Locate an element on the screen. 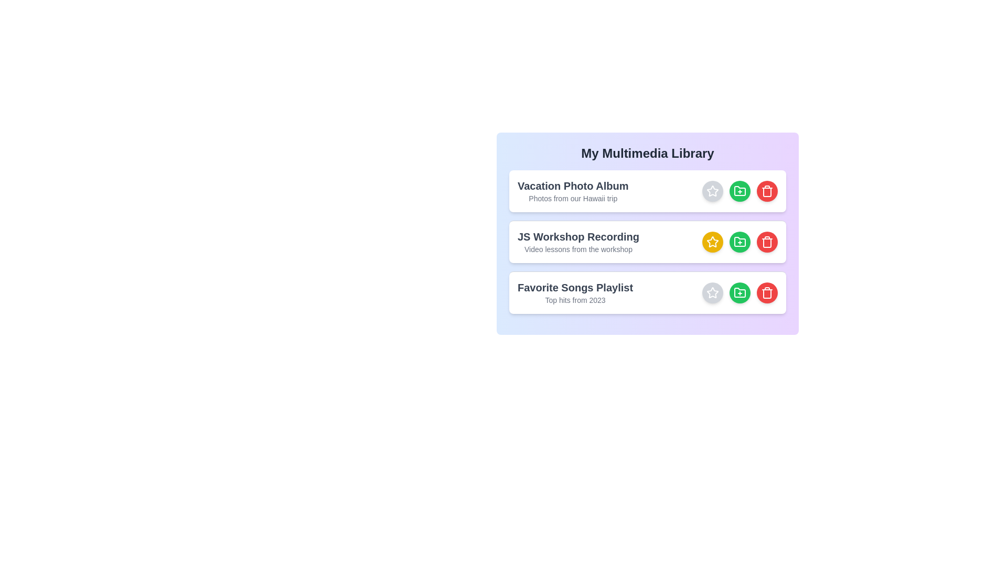 The image size is (1007, 566). the circular gray button with a centered star icon to mark the playlist as favorite is located at coordinates (712, 293).